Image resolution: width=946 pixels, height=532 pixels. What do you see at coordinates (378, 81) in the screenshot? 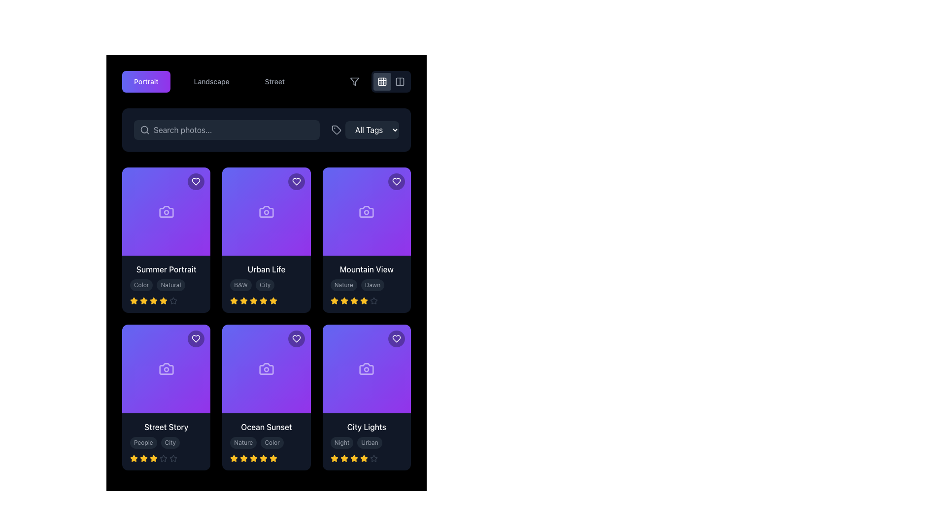
I see `the button with a grid icon, which is the second button in a group of three` at bounding box center [378, 81].